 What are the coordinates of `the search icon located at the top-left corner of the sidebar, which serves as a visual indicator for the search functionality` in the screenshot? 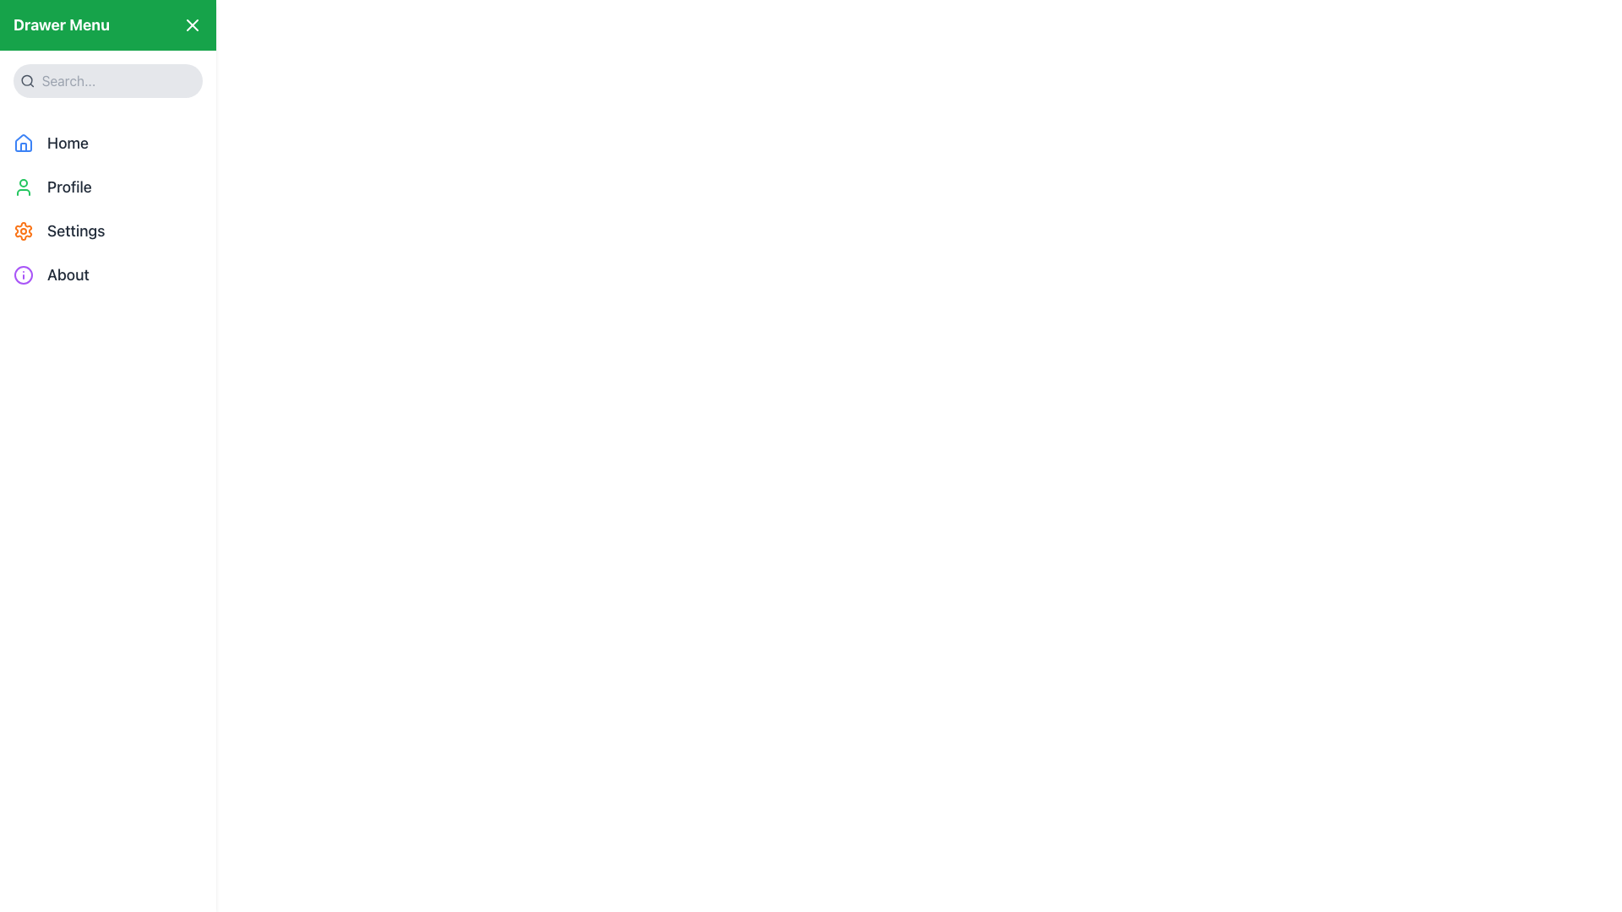 It's located at (27, 81).